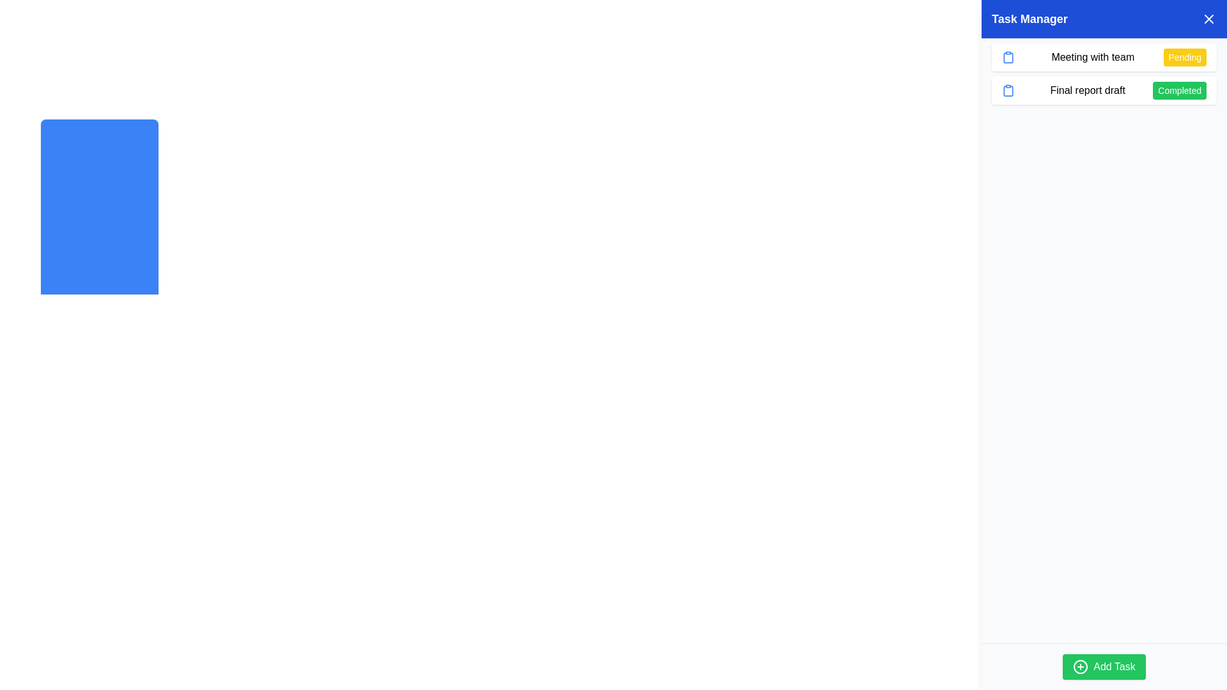 Image resolution: width=1227 pixels, height=690 pixels. Describe the element at coordinates (1104, 56) in the screenshot. I see `the task entry button labeled 'Meeting with team' in the 'Task Manager' section` at that location.